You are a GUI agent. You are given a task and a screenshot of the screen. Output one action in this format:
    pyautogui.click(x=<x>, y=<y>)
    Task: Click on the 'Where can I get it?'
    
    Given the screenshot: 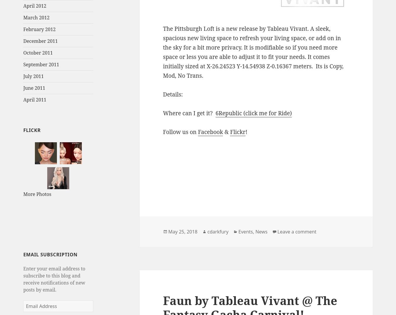 What is the action you would take?
    pyautogui.click(x=189, y=113)
    